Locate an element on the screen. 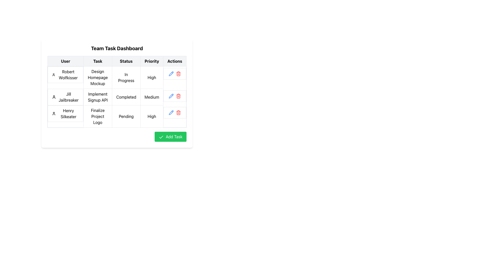  the text label displaying the priority level 'High' in the third row under the 'Priority' column of the task management table is located at coordinates (151, 116).